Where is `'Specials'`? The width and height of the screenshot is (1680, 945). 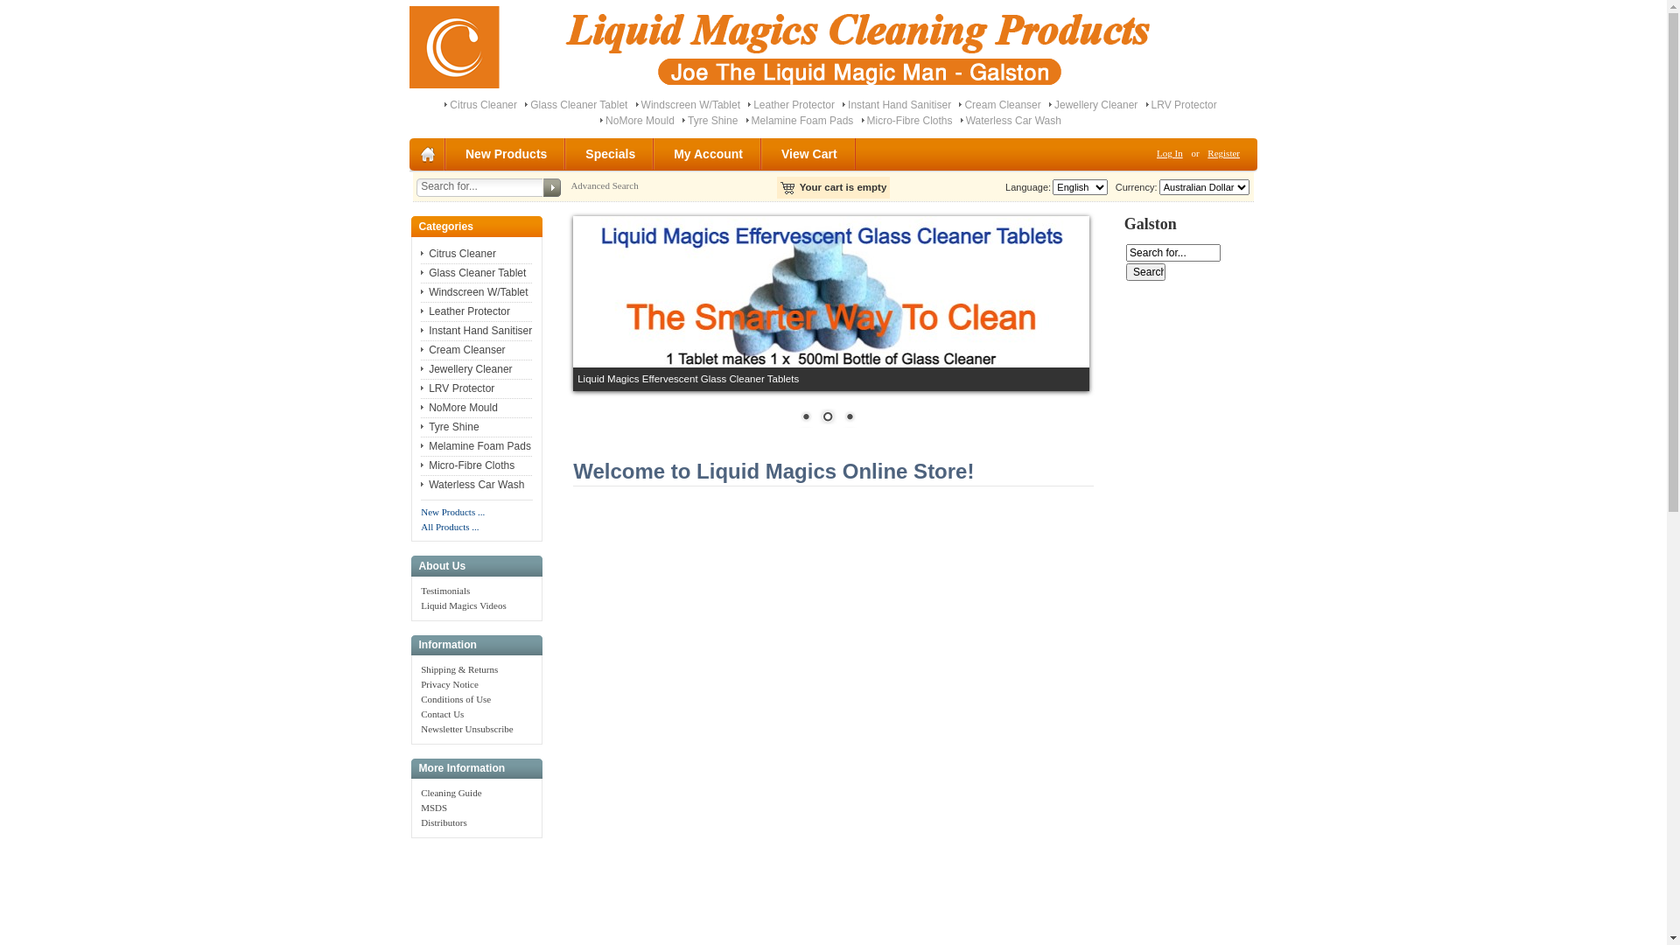 'Specials' is located at coordinates (611, 153).